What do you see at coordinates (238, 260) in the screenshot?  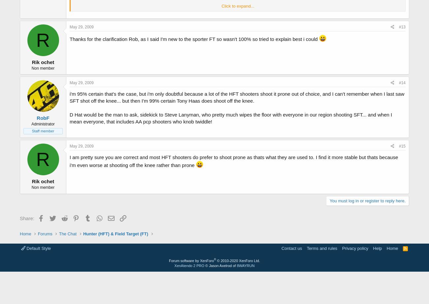 I see `'© 2010-2020 XenForo Ltd.'` at bounding box center [238, 260].